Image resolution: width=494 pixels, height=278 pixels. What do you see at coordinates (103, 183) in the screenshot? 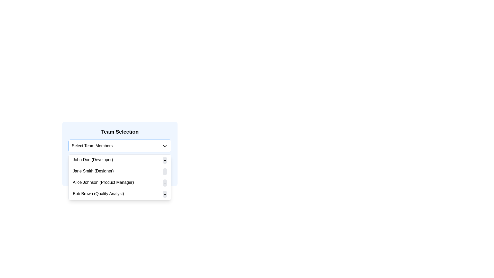
I see `the label identifying team member 'Alice Johnson', who is the 'Product Manager', in the team selection dropdown menu` at bounding box center [103, 183].